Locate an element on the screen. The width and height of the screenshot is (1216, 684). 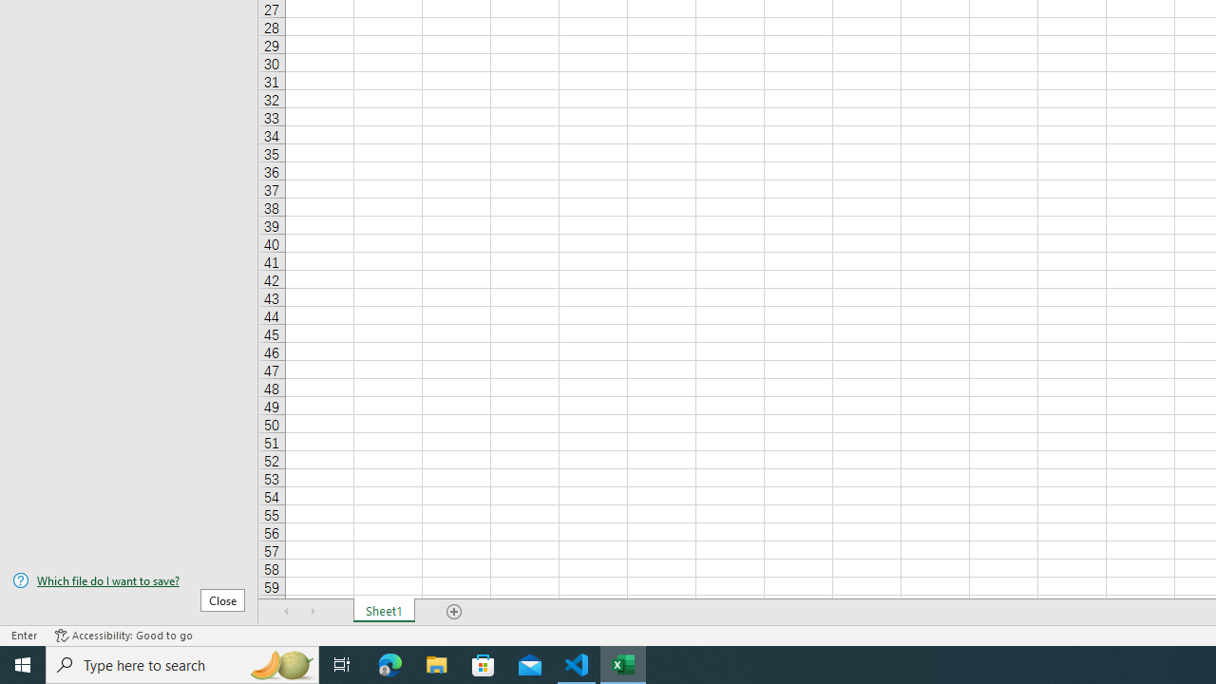
'Sheet1' is located at coordinates (383, 612).